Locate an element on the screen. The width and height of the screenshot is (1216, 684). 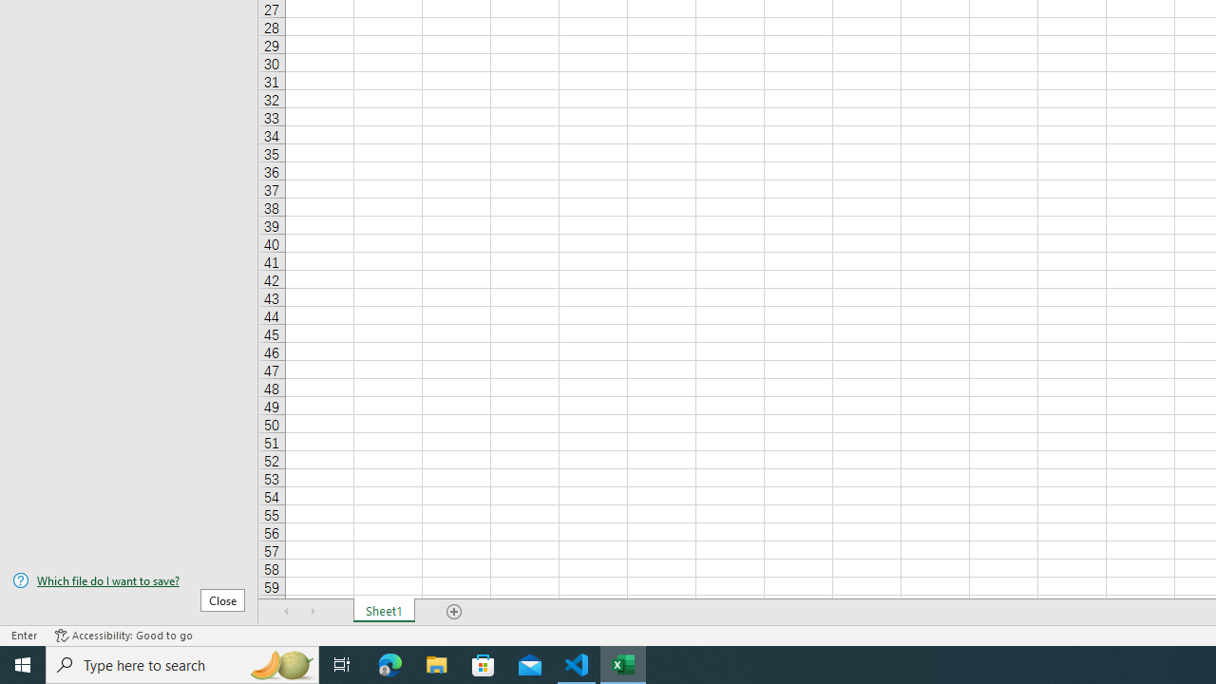
'Sheet1' is located at coordinates (383, 612).